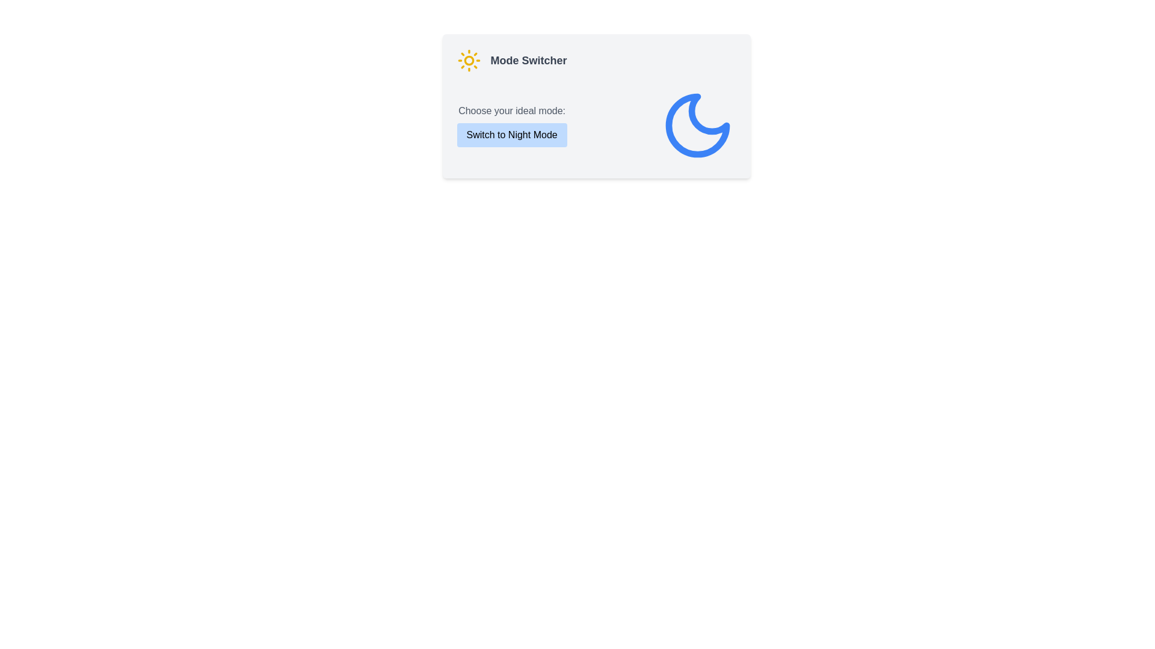 This screenshot has height=649, width=1155. I want to click on the SVG circle element that represents the core of the sun graphic, located at the center of the sun icon in the top-left corner of the 'Mode Switcher' card, so click(468, 60).